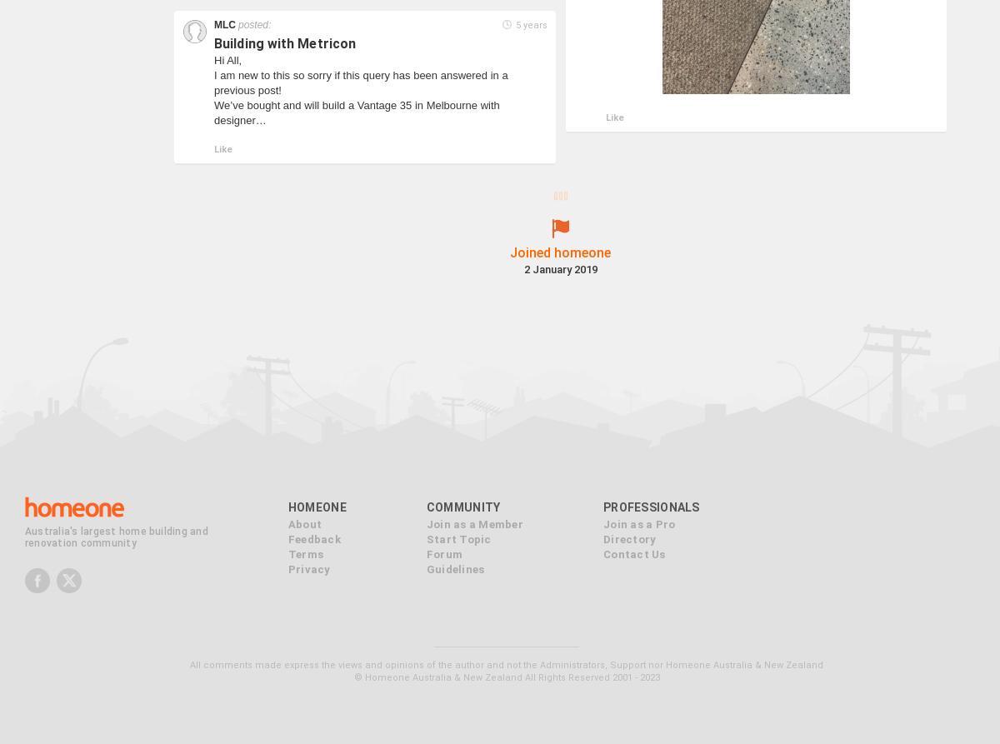  I want to click on 'Join as a Pro', so click(602, 497).